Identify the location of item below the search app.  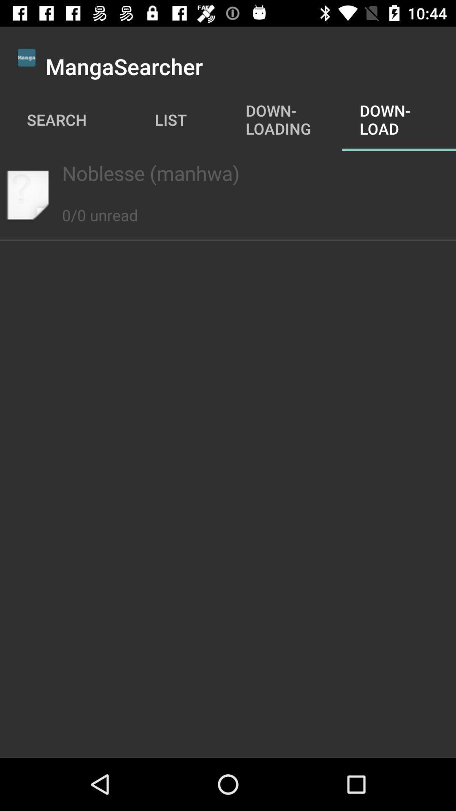
(228, 172).